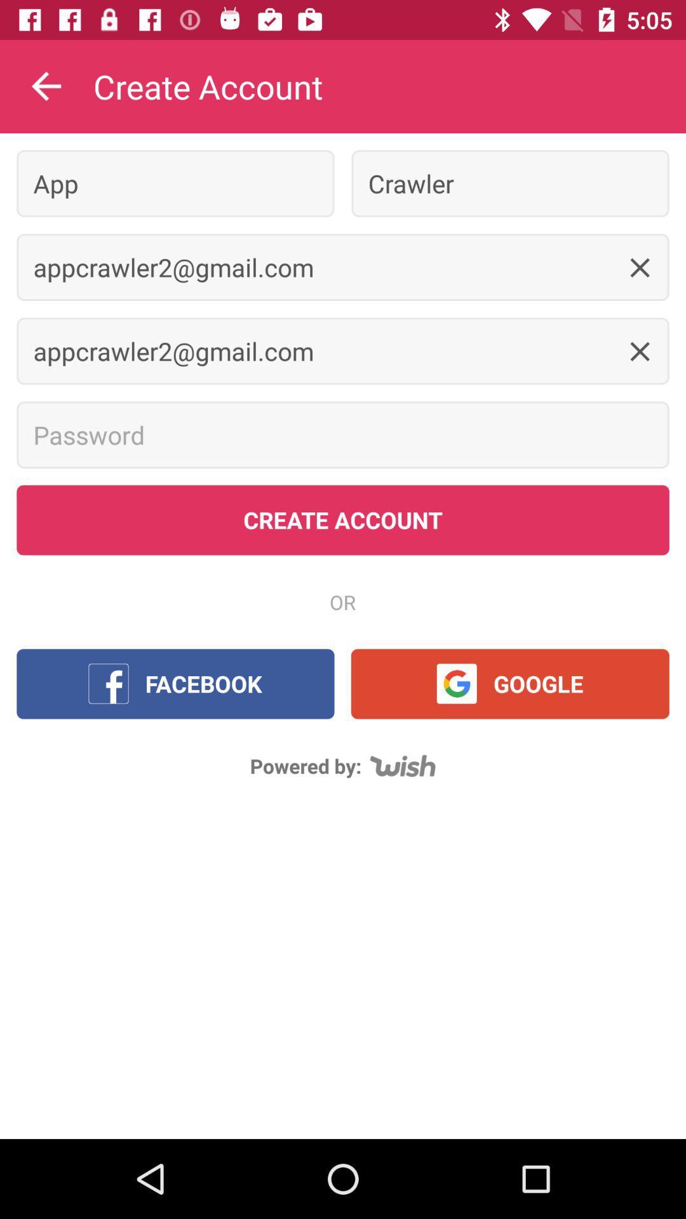 This screenshot has width=686, height=1219. I want to click on the app icon, so click(175, 183).